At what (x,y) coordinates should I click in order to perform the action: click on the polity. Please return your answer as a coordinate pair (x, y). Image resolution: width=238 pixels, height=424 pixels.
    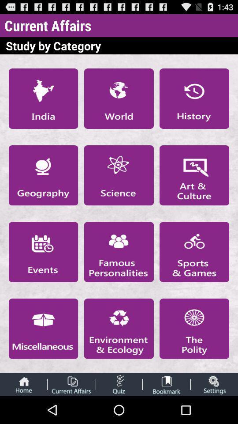
    Looking at the image, I should click on (194, 328).